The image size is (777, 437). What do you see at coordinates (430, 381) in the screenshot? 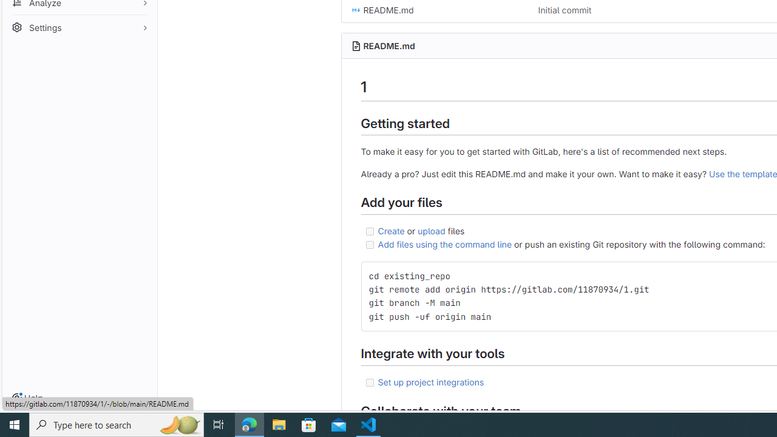
I see `'Set up project integrations'` at bounding box center [430, 381].